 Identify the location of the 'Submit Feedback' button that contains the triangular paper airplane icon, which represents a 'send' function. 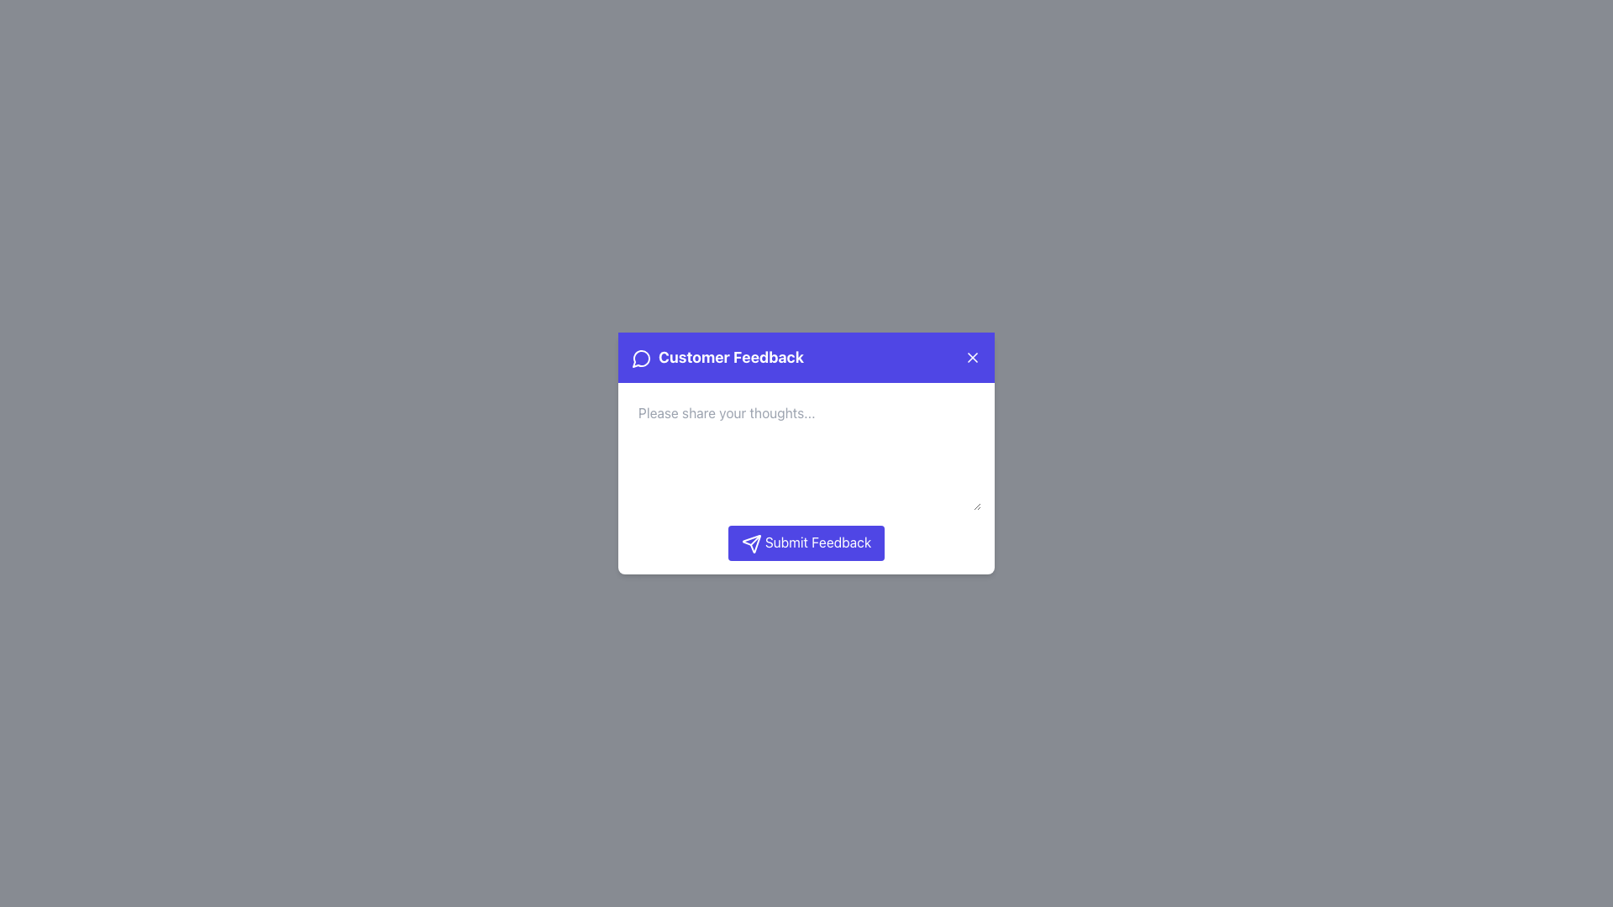
(750, 543).